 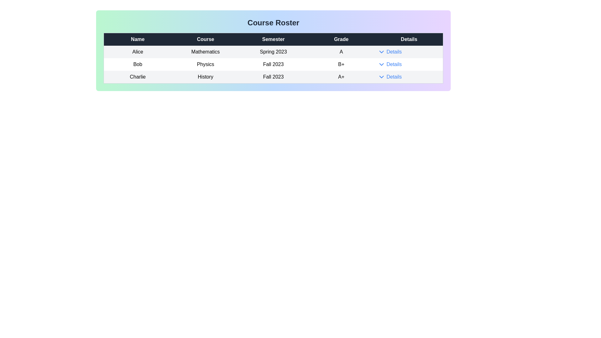 I want to click on the static text label displaying 'Fall 2023' for the course 'History' associated with student 'Charlie' in the 'Semester' column, so click(x=273, y=77).